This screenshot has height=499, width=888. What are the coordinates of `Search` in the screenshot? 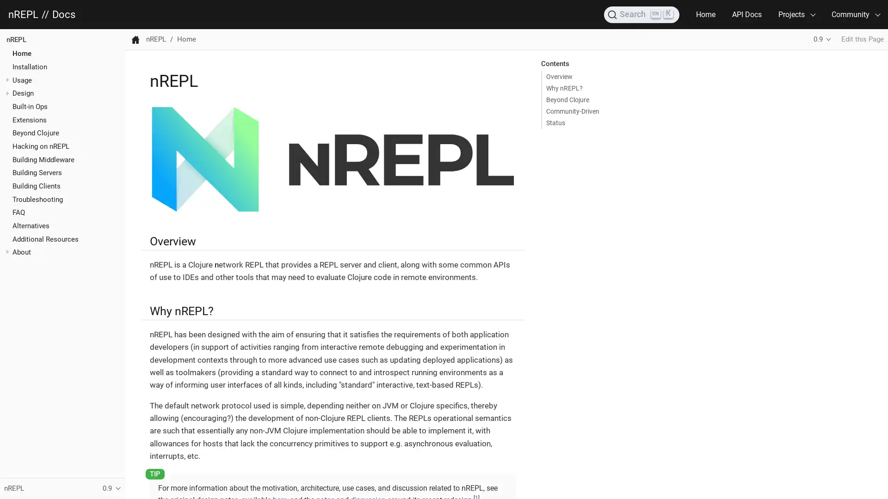 It's located at (641, 14).